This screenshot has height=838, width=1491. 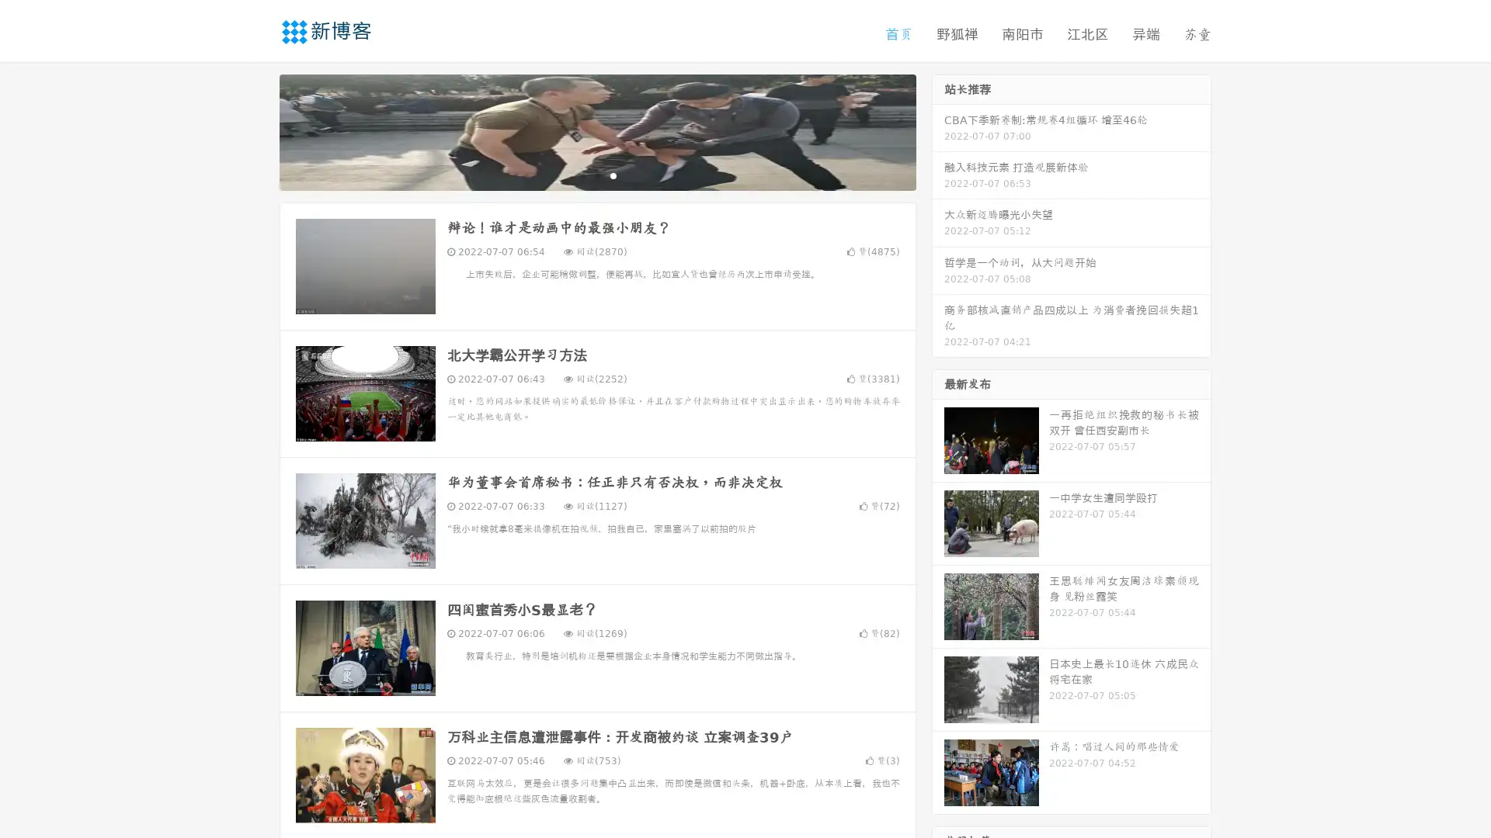 I want to click on Go to slide 1, so click(x=581, y=175).